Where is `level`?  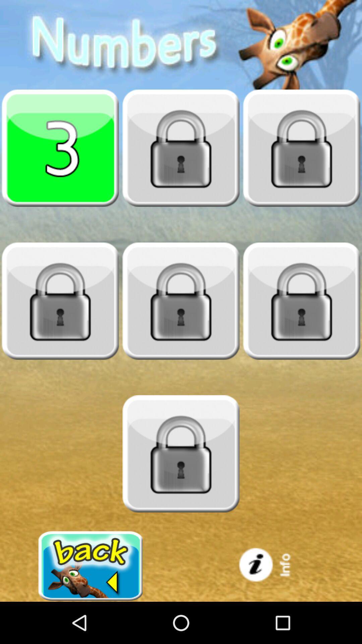
level is located at coordinates (301, 148).